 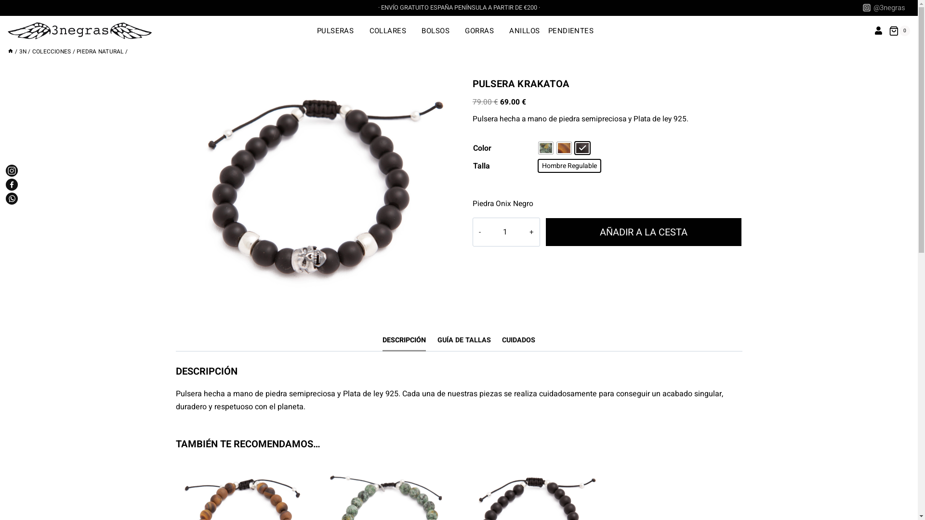 I want to click on 'COLLARES', so click(x=391, y=30).